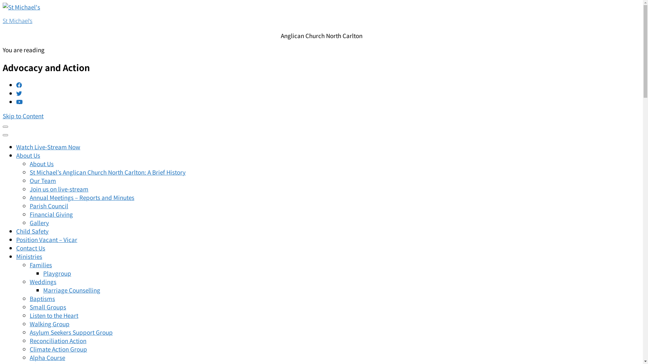 Image resolution: width=648 pixels, height=364 pixels. What do you see at coordinates (48, 205) in the screenshot?
I see `'Parish Council'` at bounding box center [48, 205].